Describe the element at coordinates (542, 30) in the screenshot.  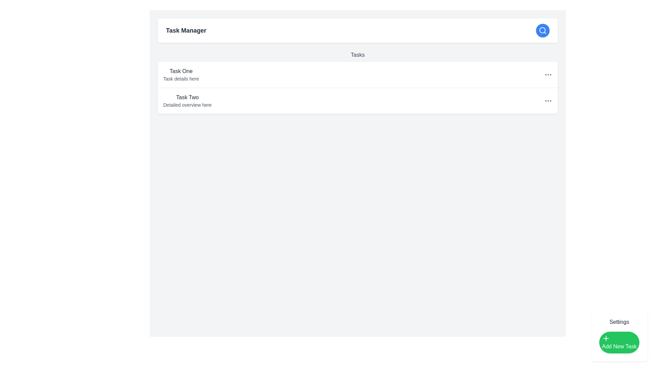
I see `the central circular component of the search icon located in the right portion of the top navigation bar` at that location.